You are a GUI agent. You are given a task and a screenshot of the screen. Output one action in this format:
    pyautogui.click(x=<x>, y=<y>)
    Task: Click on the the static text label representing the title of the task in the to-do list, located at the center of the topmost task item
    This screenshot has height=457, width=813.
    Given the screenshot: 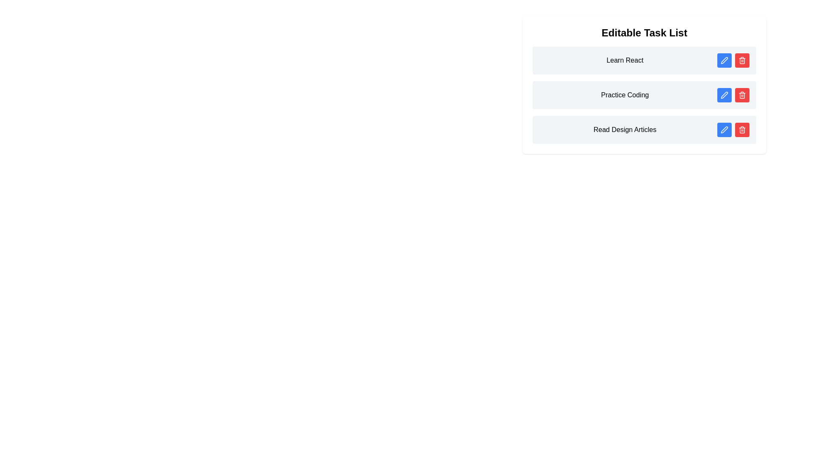 What is the action you would take?
    pyautogui.click(x=625, y=60)
    